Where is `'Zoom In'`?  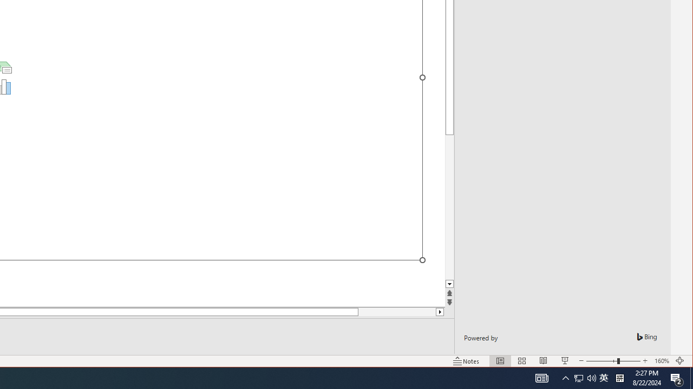 'Zoom In' is located at coordinates (645, 361).